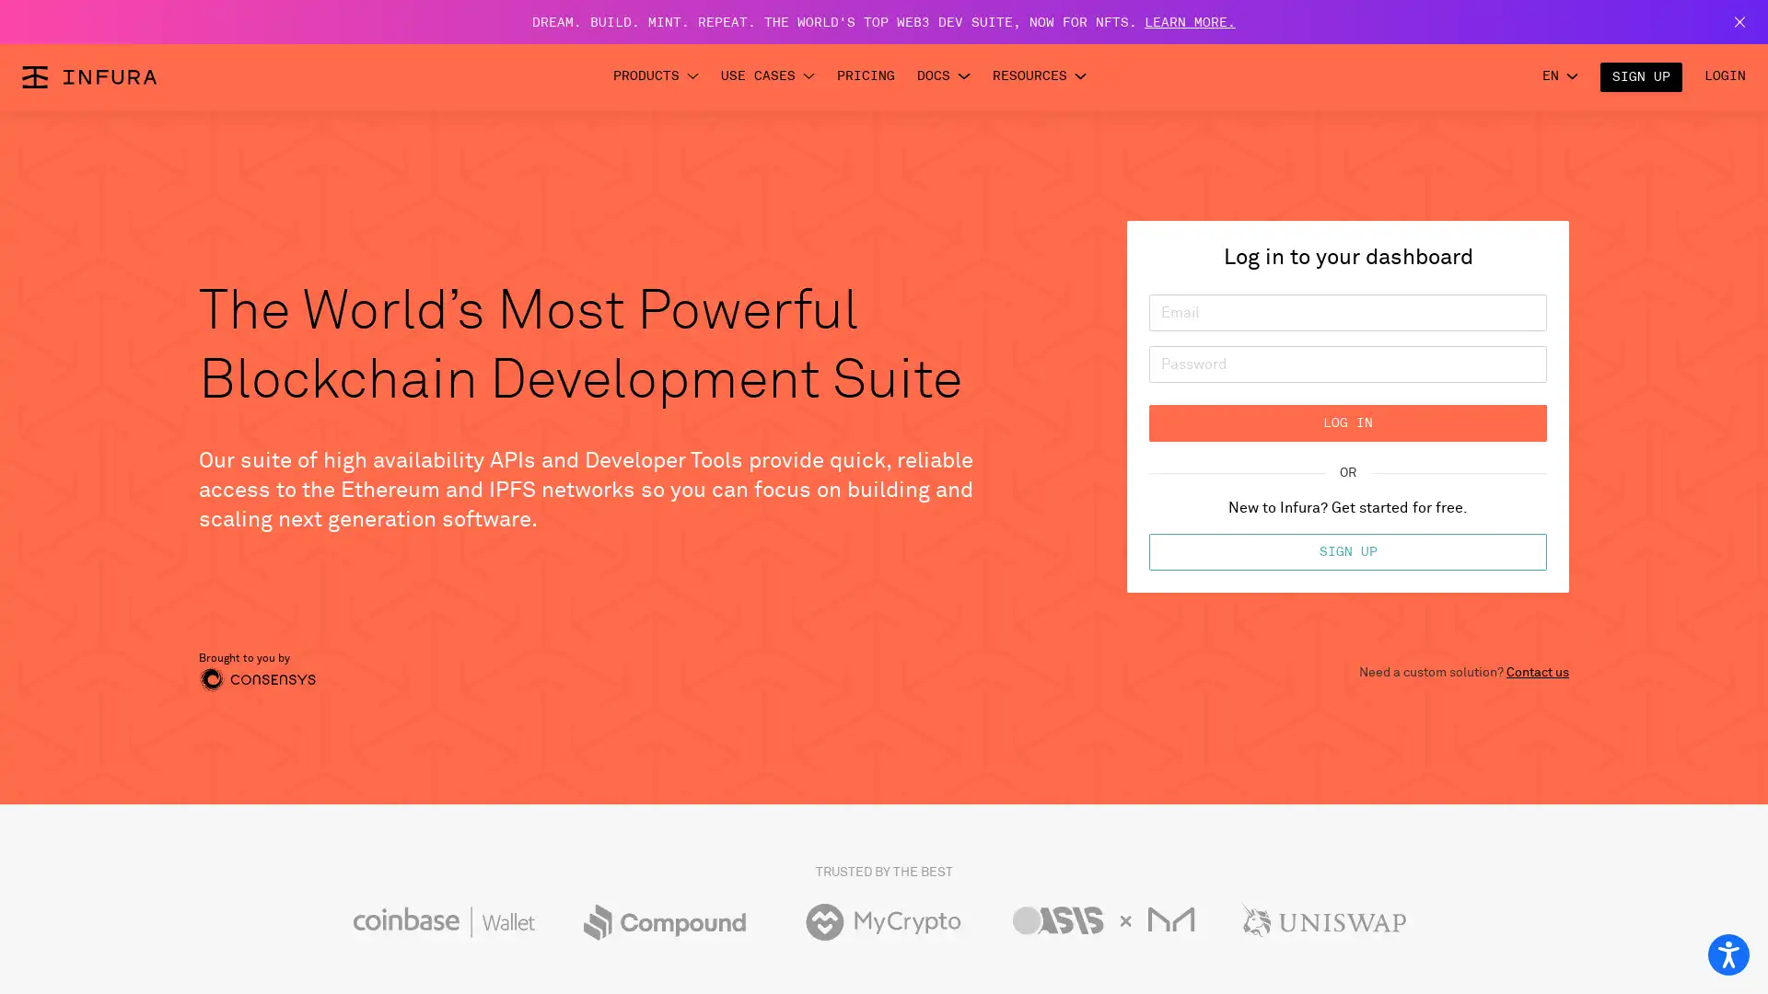 The height and width of the screenshot is (994, 1768). I want to click on SIGN UP, so click(1348, 551).